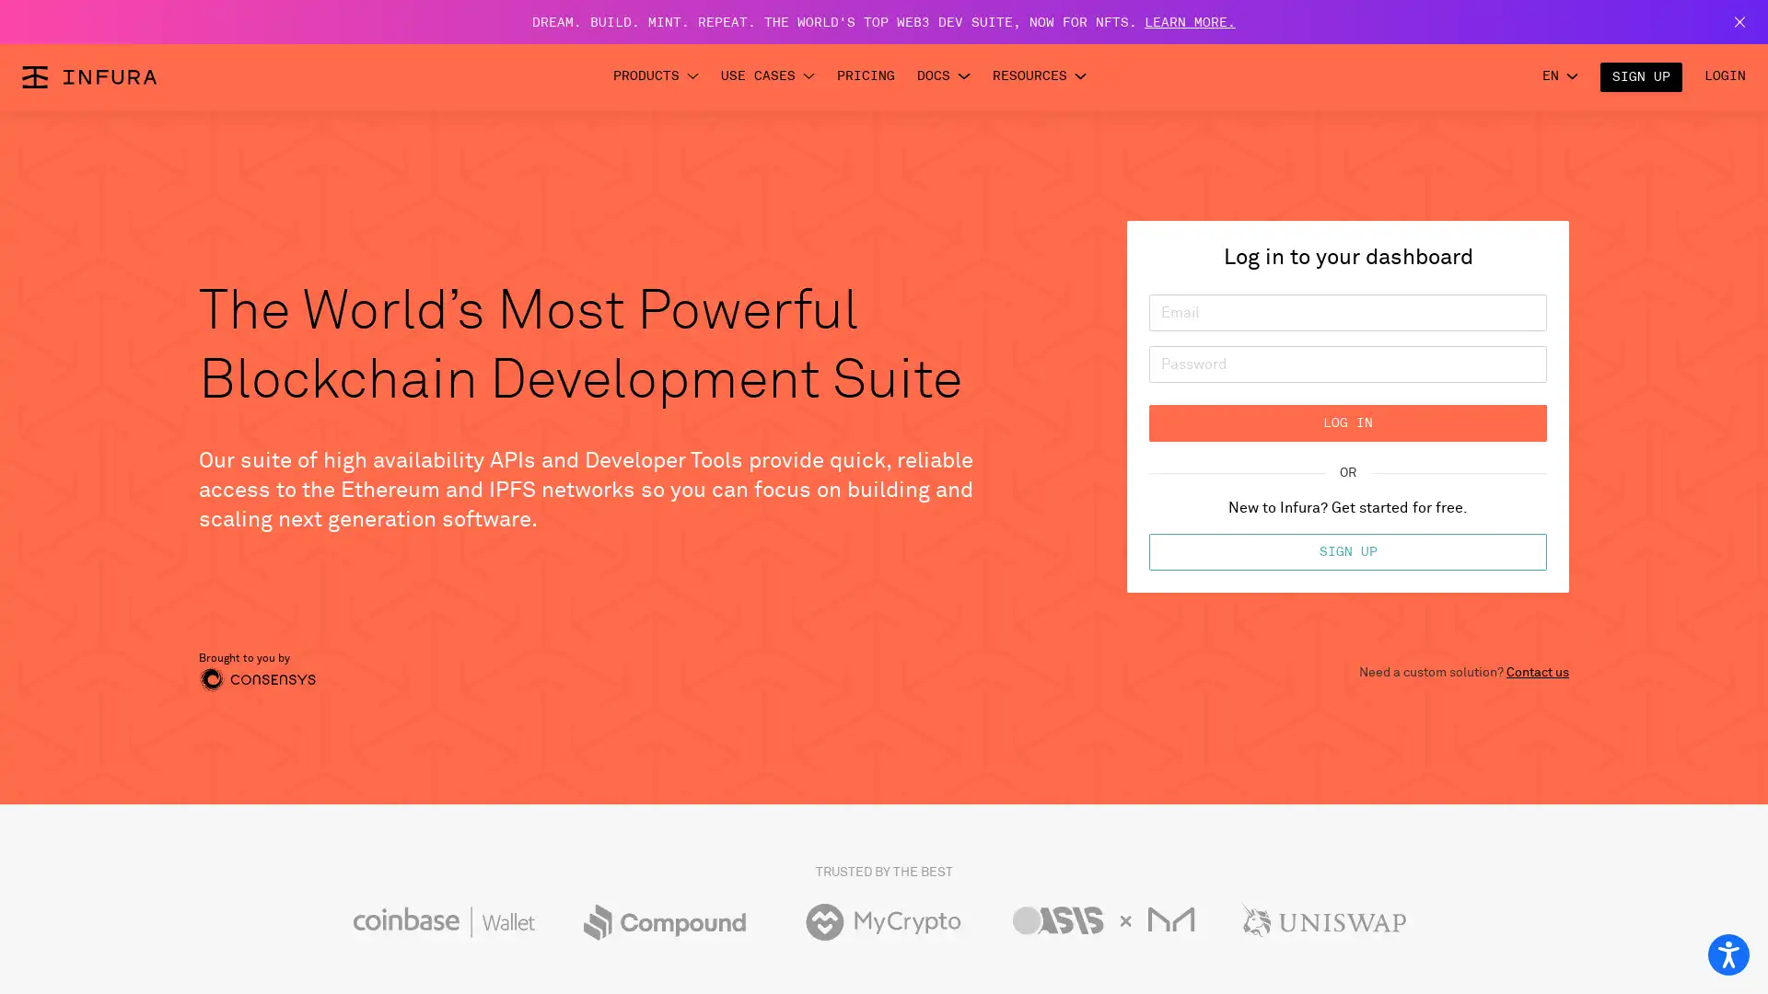 The height and width of the screenshot is (994, 1768). I want to click on SIGN UP, so click(1348, 551).